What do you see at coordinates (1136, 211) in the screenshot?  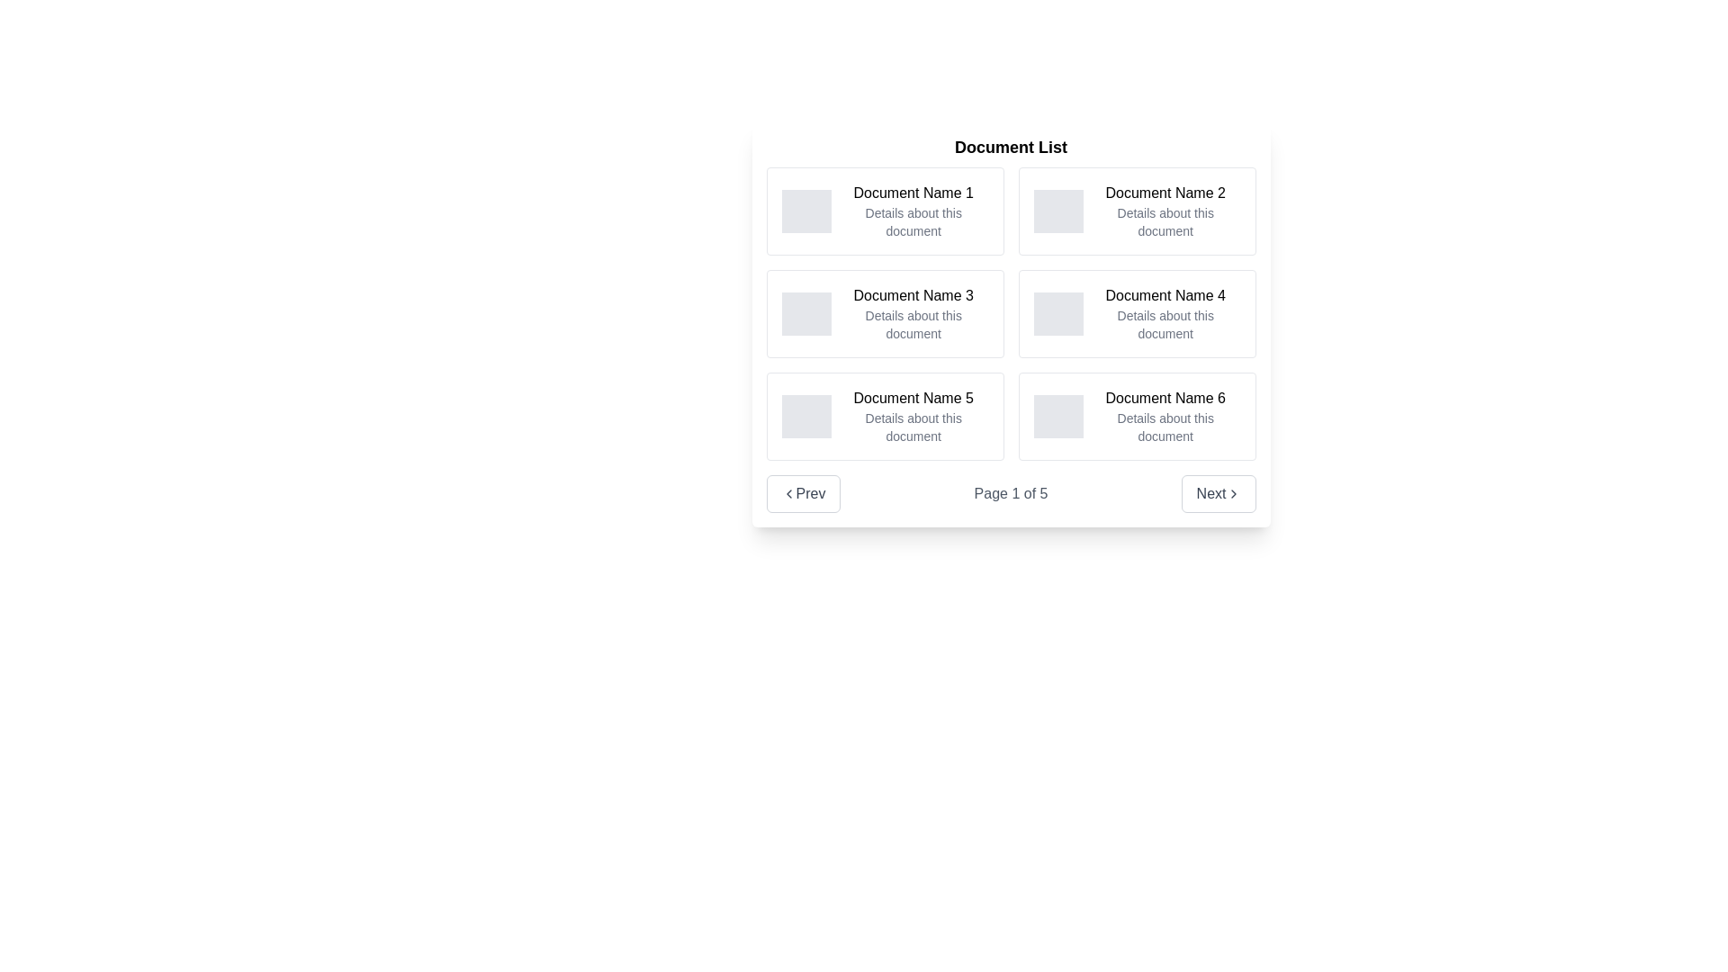 I see `the second card-like clickable area in the 'Document List'` at bounding box center [1136, 211].